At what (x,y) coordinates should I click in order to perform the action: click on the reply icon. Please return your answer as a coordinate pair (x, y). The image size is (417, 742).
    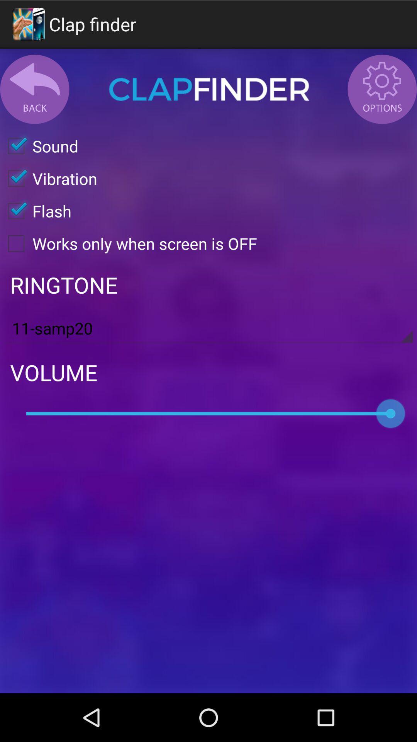
    Looking at the image, I should click on (34, 95).